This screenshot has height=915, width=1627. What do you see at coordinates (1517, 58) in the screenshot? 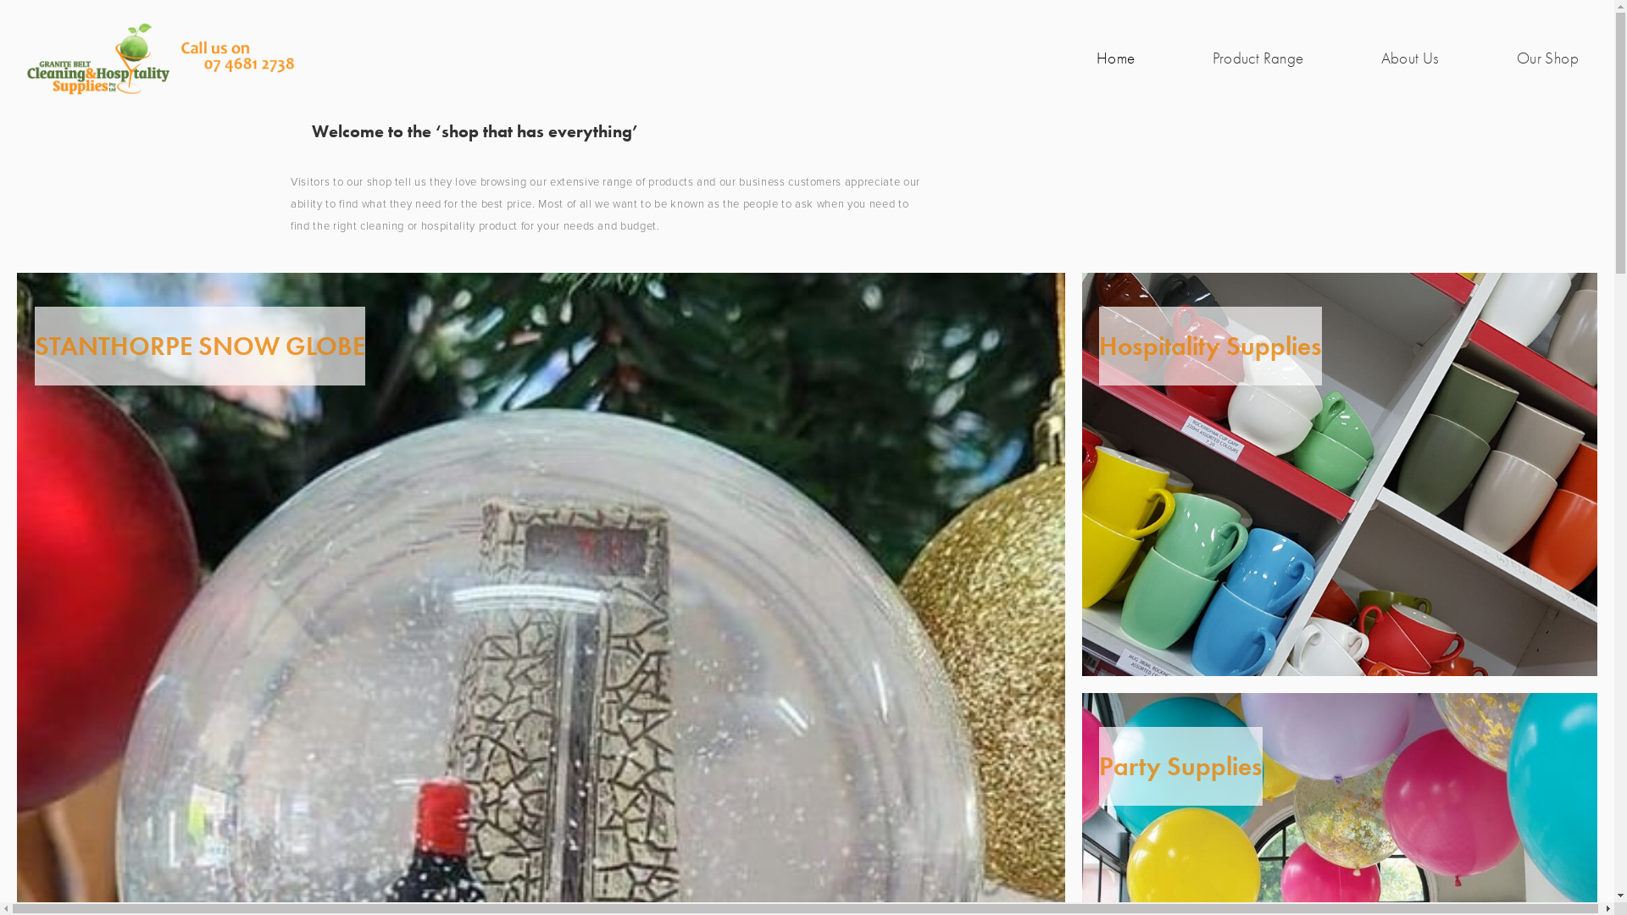
I see `'Our Shop'` at bounding box center [1517, 58].